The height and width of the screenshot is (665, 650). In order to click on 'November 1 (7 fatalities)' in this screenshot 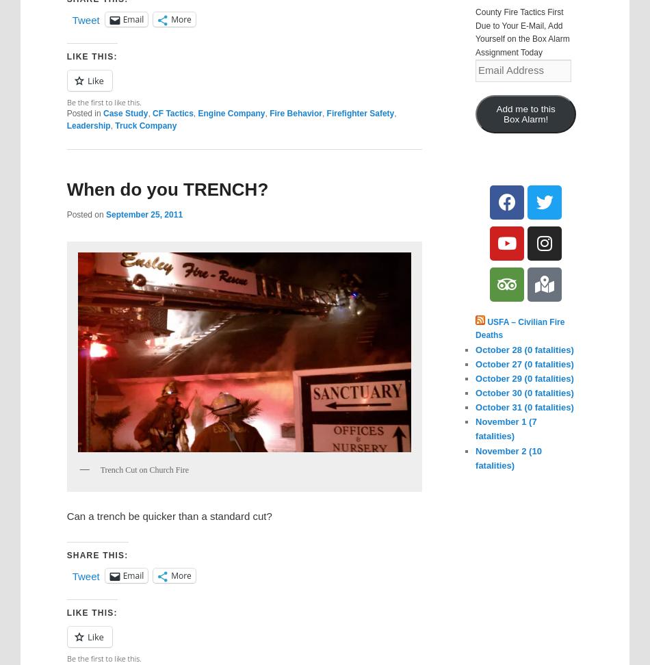, I will do `click(505, 429)`.